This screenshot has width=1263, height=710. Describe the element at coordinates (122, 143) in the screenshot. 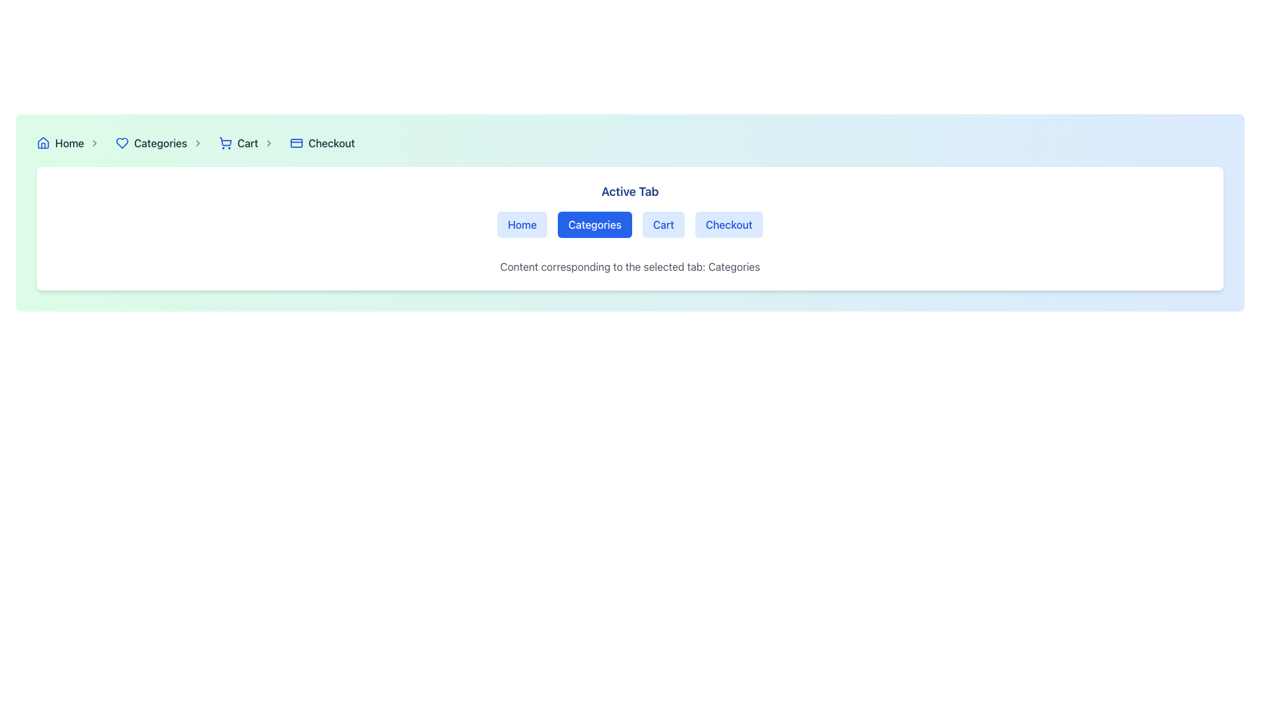

I see `the heart icon representing the 'Categories' section in the breadcrumb navigation bar, located to the left of the 'Categories' text` at that location.